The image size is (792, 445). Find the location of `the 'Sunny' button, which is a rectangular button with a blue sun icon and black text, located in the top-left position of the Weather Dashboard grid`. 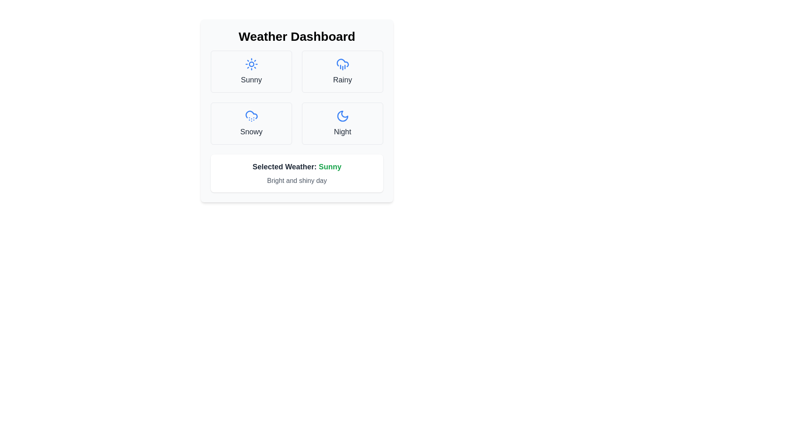

the 'Sunny' button, which is a rectangular button with a blue sun icon and black text, located in the top-left position of the Weather Dashboard grid is located at coordinates (251, 71).